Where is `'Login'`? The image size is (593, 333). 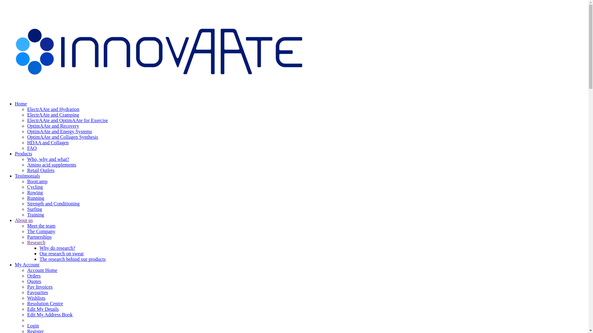
'Login' is located at coordinates (32, 325).